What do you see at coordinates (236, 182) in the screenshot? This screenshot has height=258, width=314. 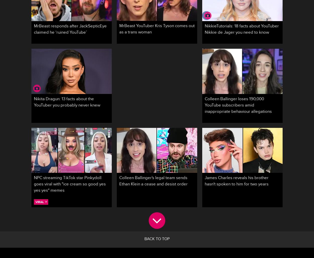 I see `'James Charles reveals his brother hasn't spoken to him for two years'` at bounding box center [236, 182].